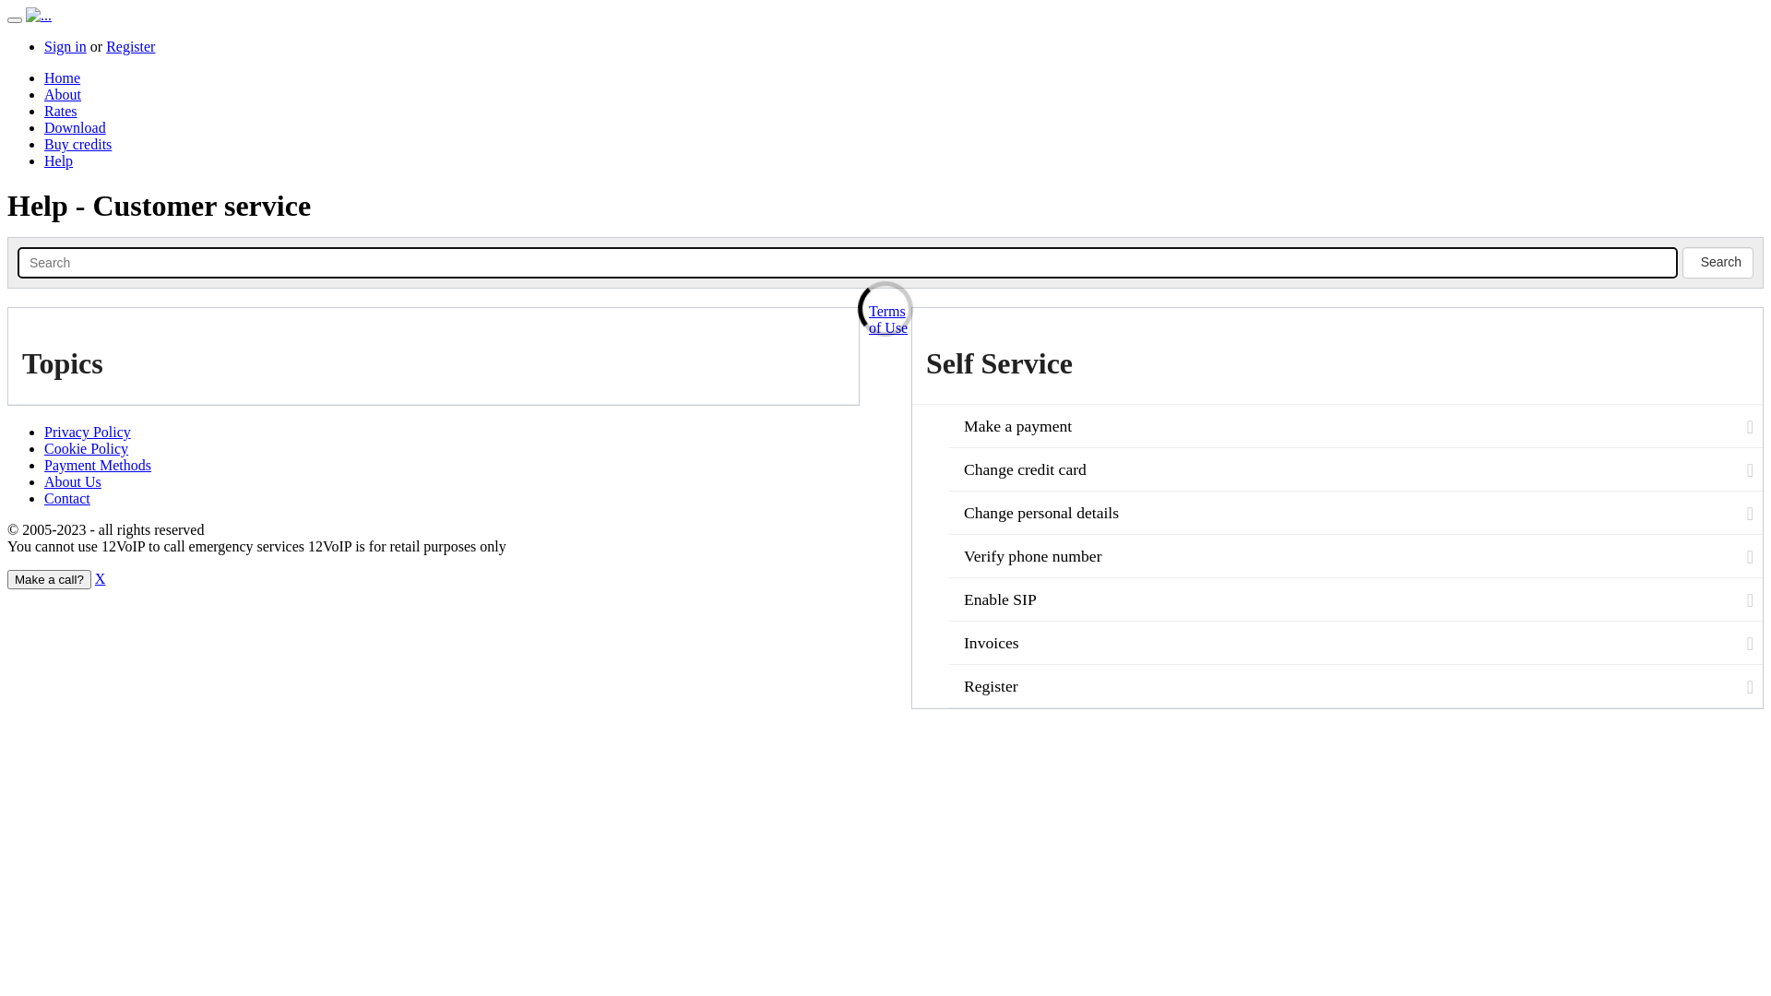  What do you see at coordinates (66, 498) in the screenshot?
I see `'Contact'` at bounding box center [66, 498].